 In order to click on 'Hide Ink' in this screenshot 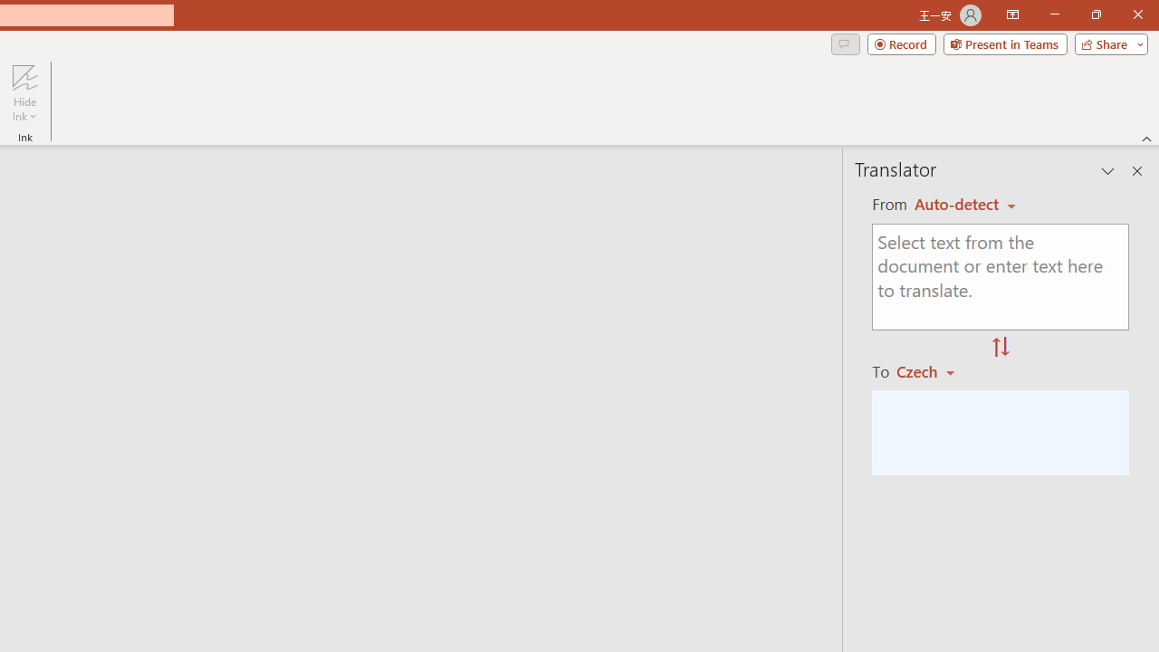, I will do `click(24, 76)`.